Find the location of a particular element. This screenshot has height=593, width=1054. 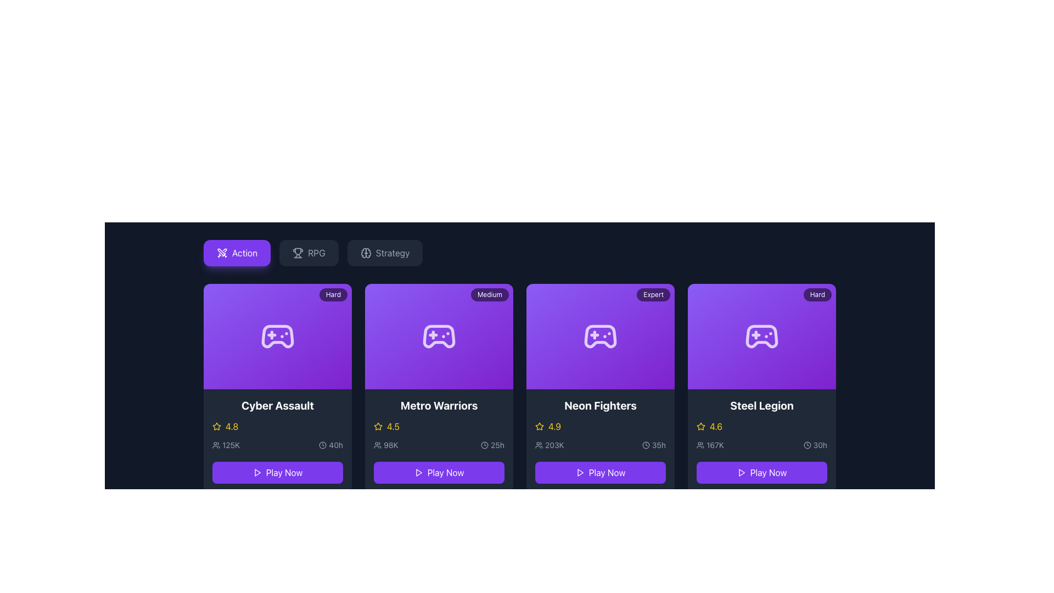

the text '98K' associated with the group icon in the 'Metro Warriors' section for reading is located at coordinates (386, 445).